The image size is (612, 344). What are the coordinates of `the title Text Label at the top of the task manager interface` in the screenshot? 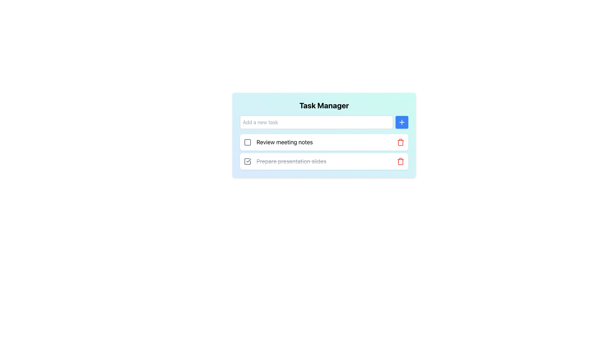 It's located at (324, 105).